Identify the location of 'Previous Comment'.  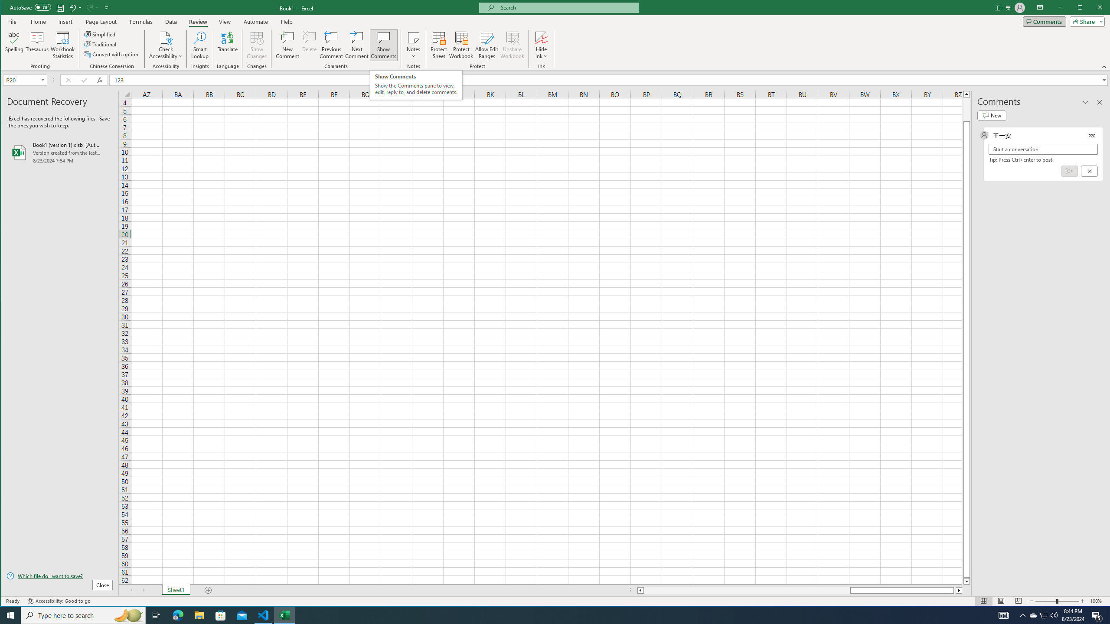
(331, 45).